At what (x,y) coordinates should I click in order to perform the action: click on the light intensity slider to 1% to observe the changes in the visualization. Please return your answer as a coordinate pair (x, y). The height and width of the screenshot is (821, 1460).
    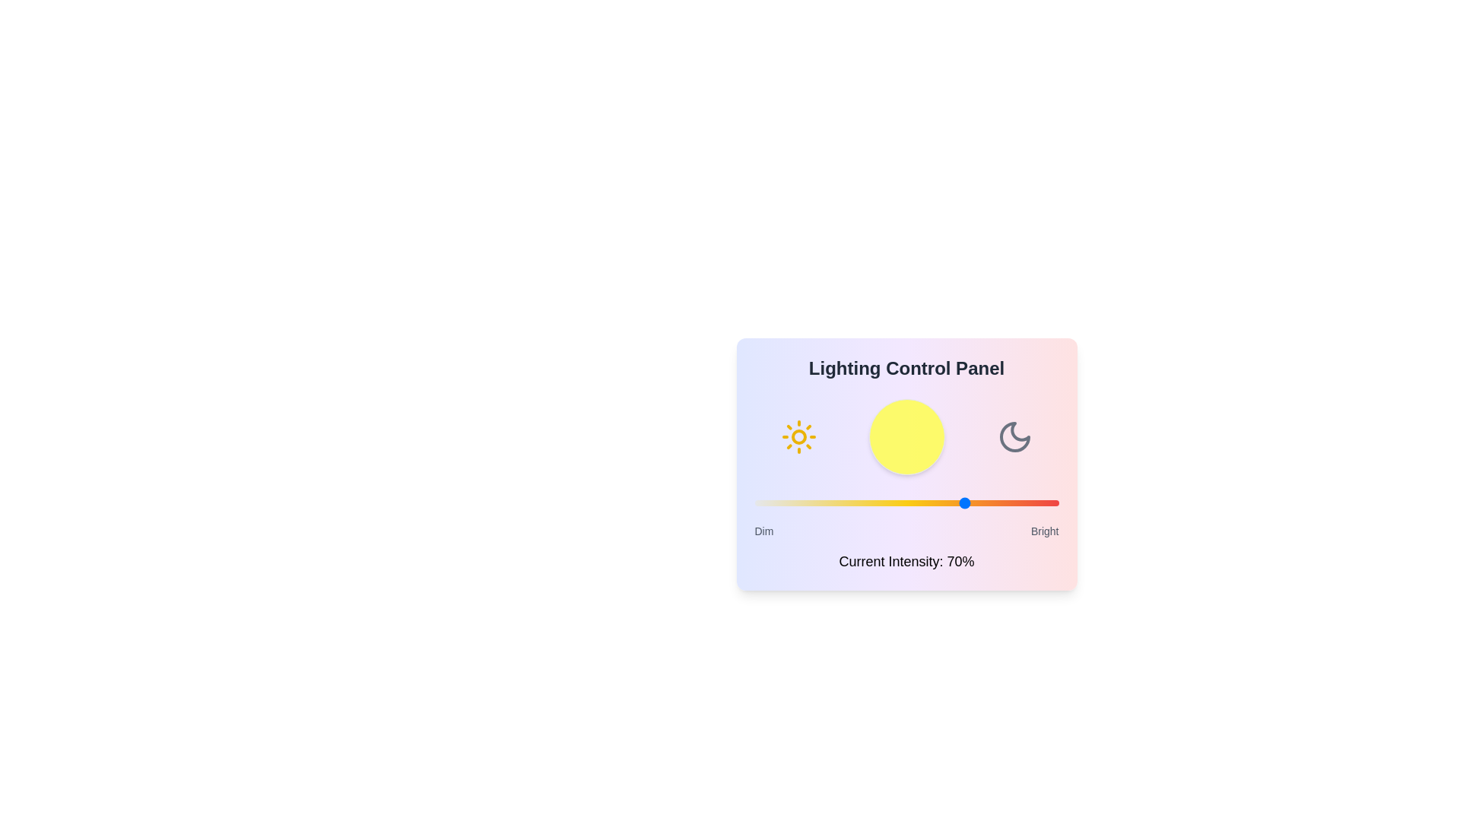
    Looking at the image, I should click on (757, 503).